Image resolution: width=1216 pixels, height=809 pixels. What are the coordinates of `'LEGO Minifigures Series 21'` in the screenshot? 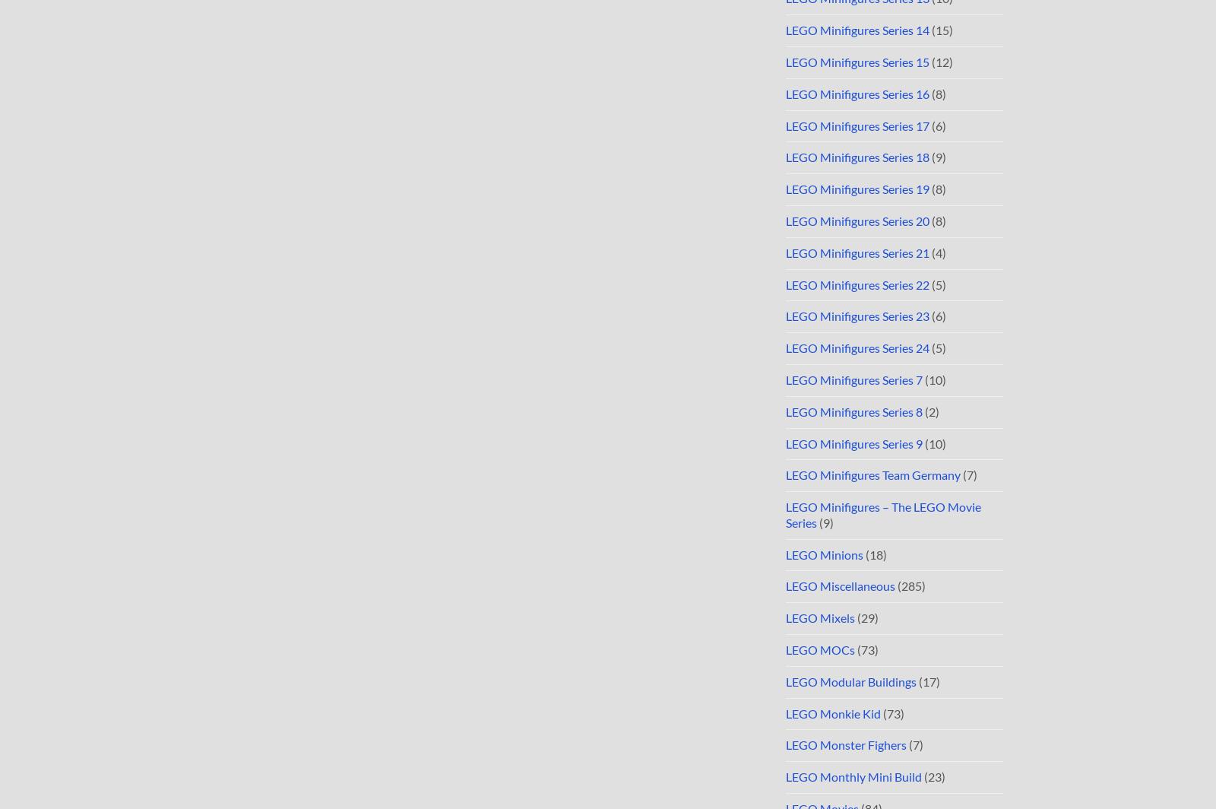 It's located at (785, 252).